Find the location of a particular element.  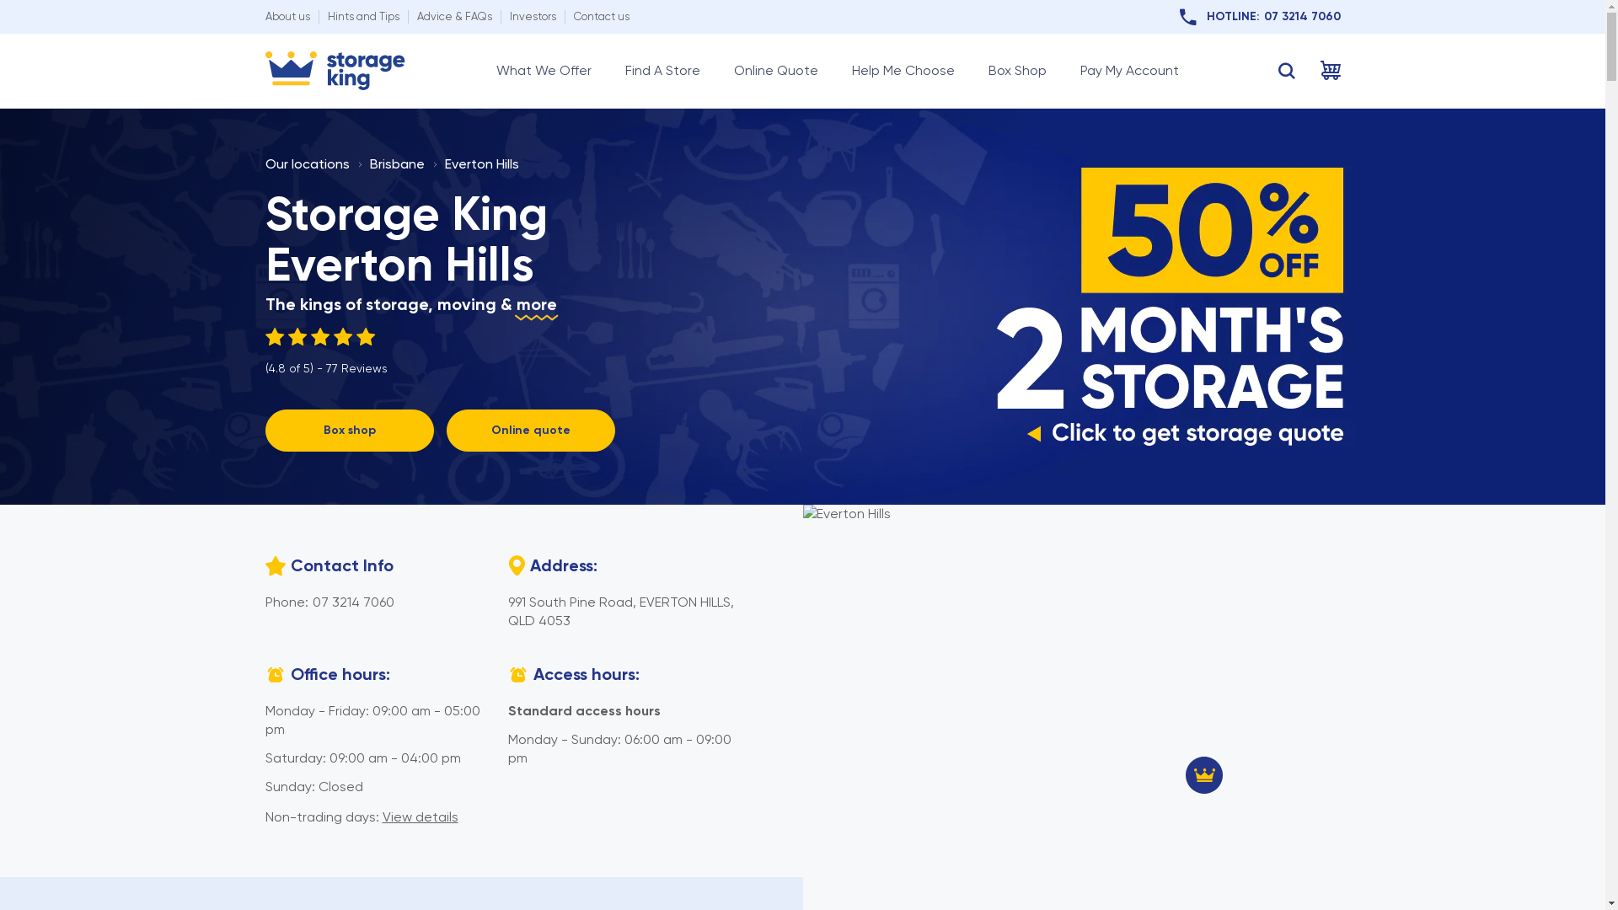

'Pay My Account' is located at coordinates (1080, 70).